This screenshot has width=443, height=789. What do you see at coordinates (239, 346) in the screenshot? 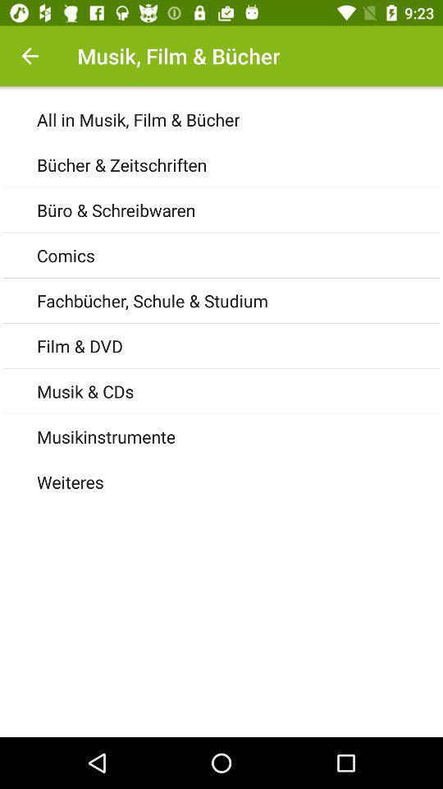
I see `the icon above the musik & cds` at bounding box center [239, 346].